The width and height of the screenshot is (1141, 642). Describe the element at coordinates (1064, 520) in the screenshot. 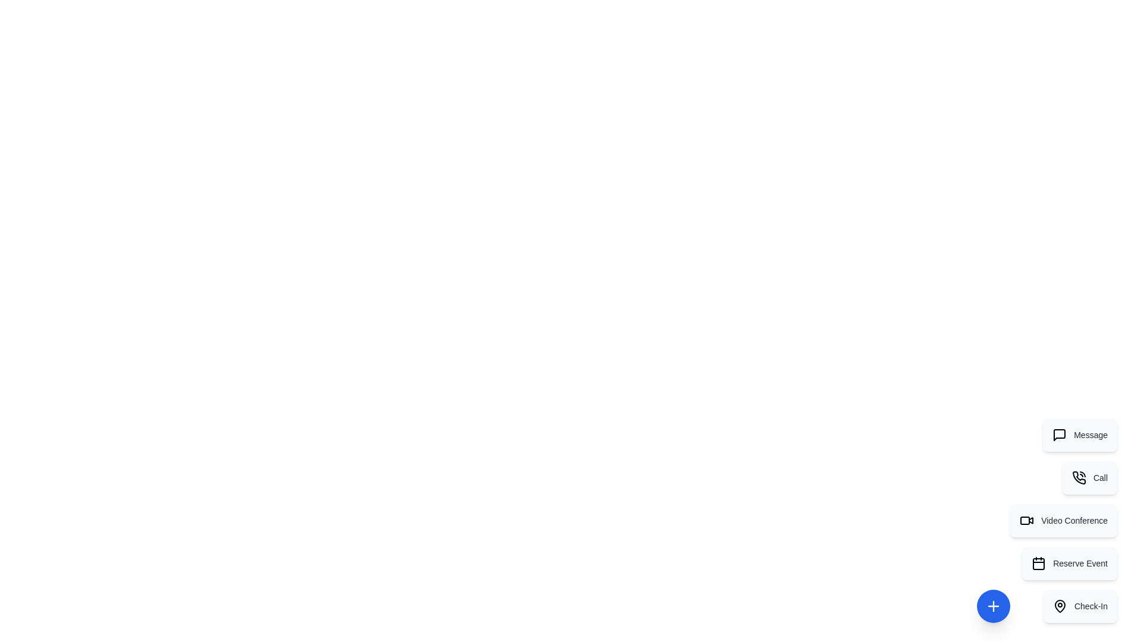

I see `the action item Video Conference from the menu` at that location.